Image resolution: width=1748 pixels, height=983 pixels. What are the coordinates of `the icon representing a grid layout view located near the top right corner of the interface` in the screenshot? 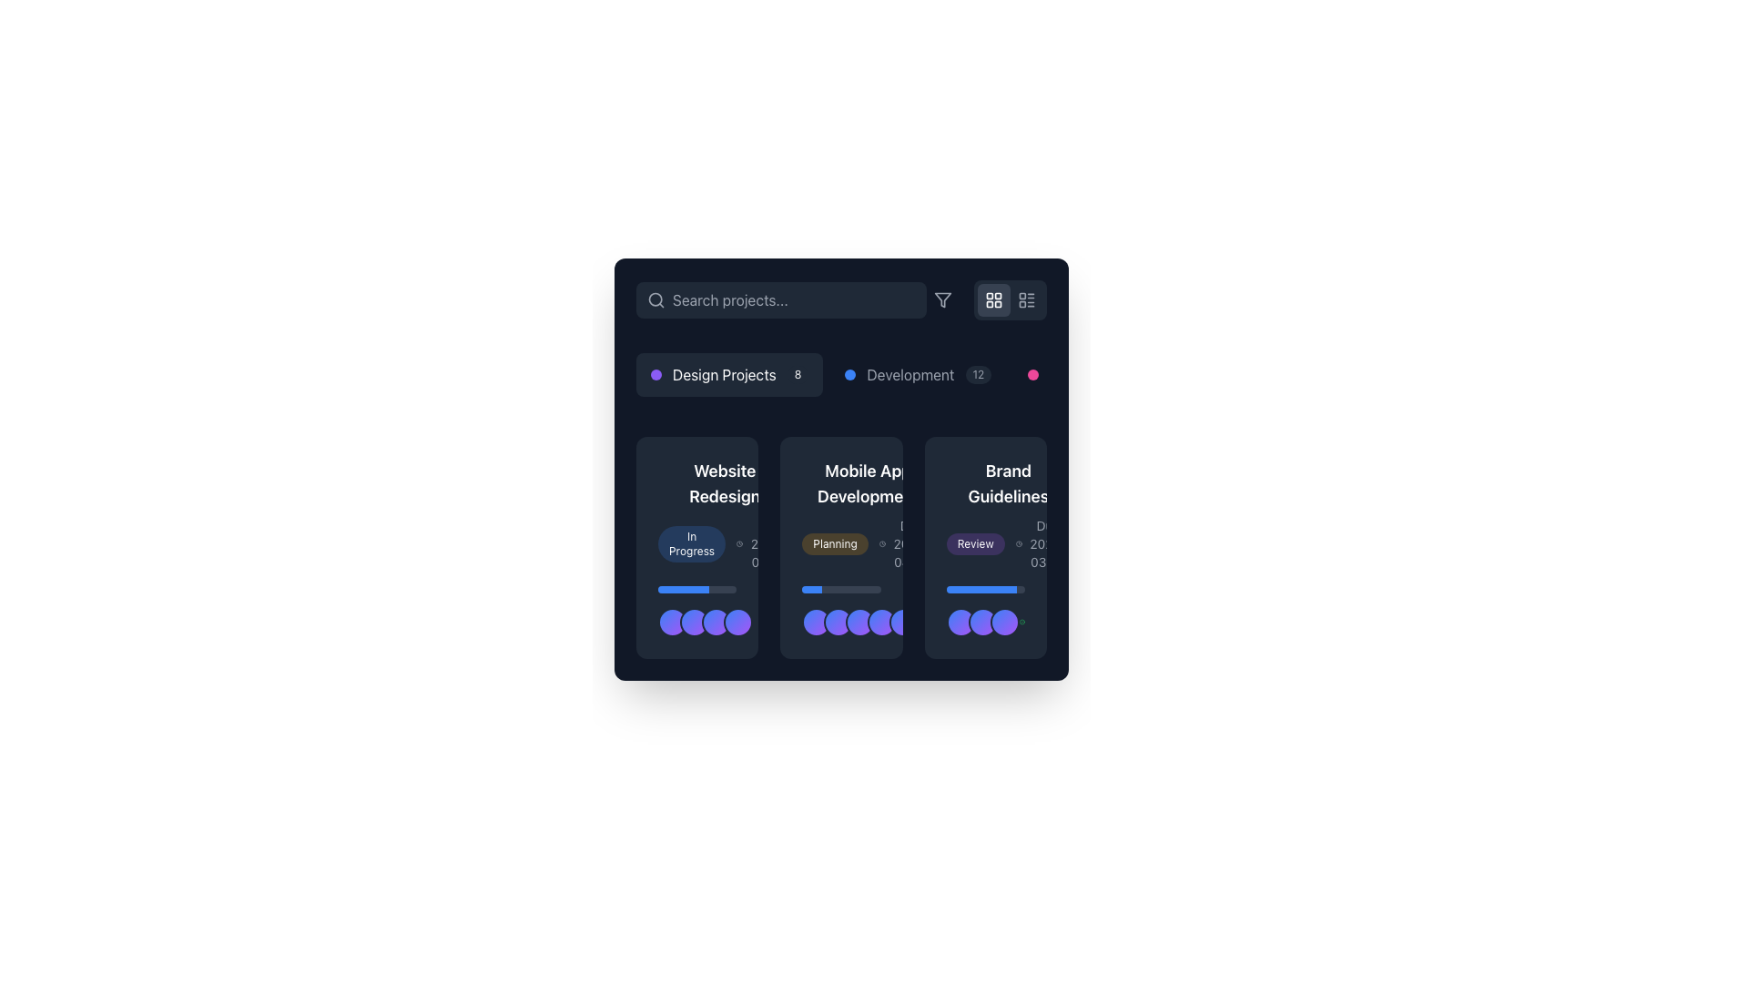 It's located at (992, 299).